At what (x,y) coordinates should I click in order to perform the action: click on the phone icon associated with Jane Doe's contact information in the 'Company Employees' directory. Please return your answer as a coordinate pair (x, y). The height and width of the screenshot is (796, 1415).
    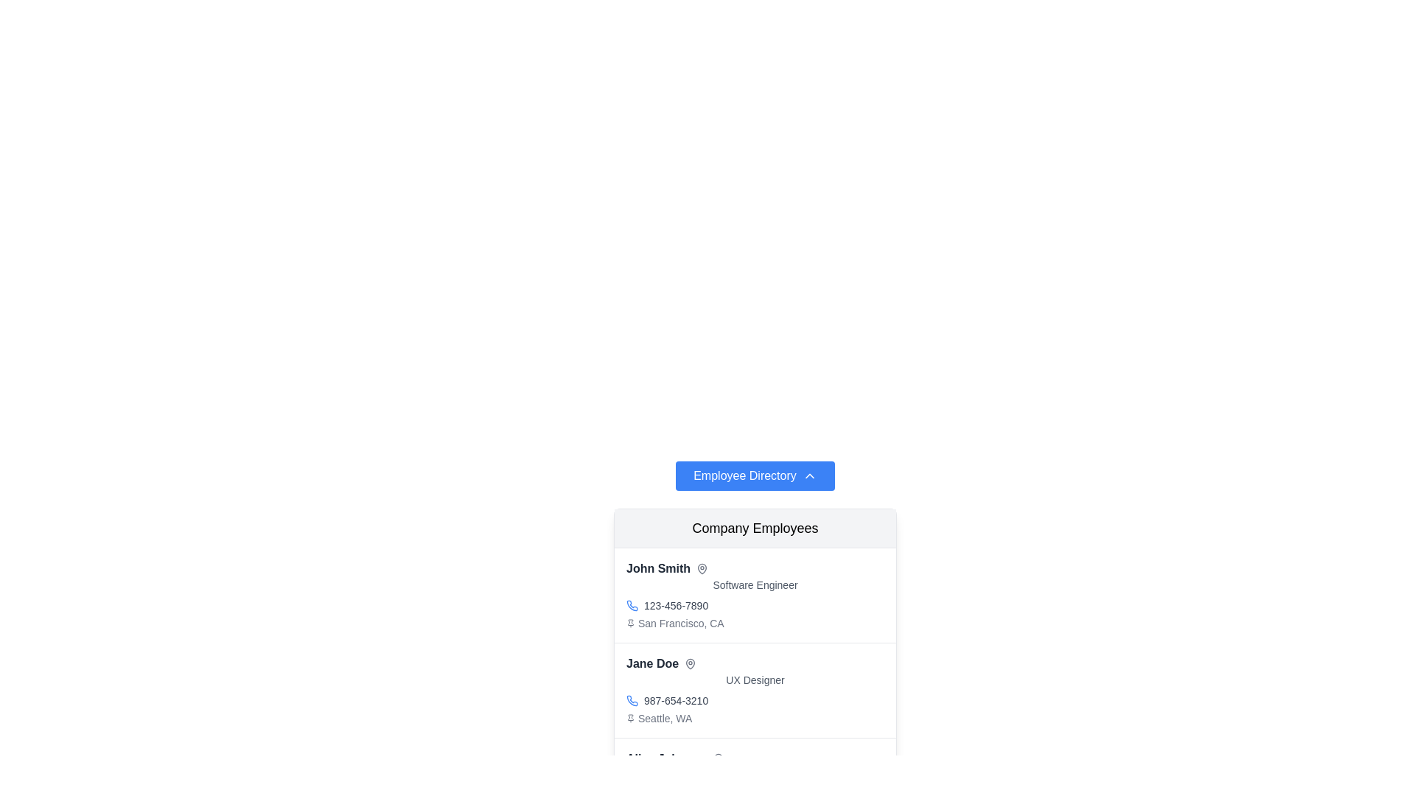
    Looking at the image, I should click on (632, 699).